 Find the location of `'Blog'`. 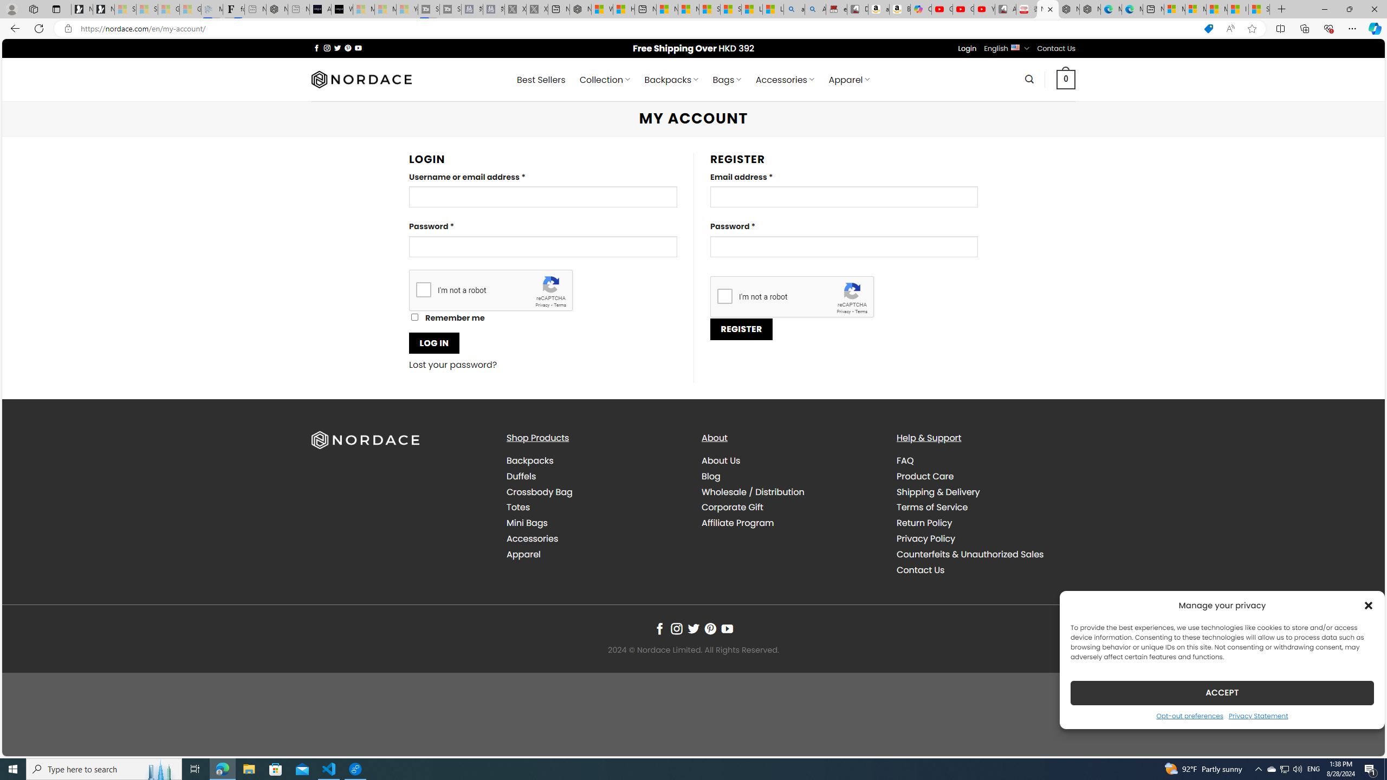

'Blog' is located at coordinates (711, 476).